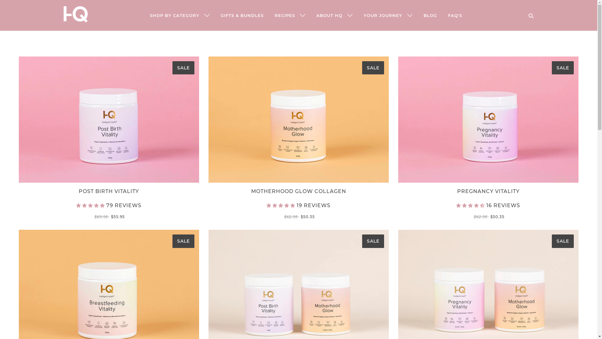  What do you see at coordinates (419, 15) in the screenshot?
I see `'BLOG'` at bounding box center [419, 15].